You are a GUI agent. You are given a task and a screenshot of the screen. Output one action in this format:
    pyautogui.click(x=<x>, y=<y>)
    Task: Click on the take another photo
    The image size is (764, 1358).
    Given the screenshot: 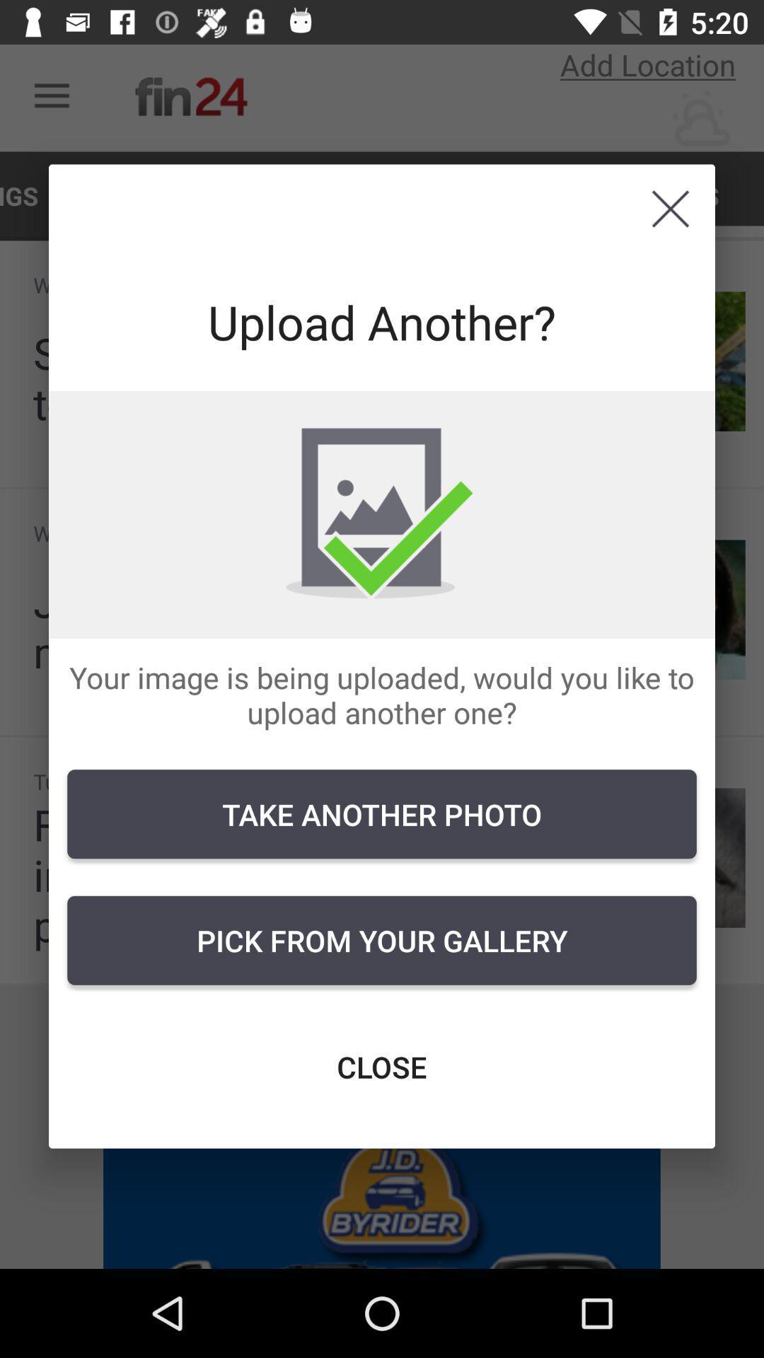 What is the action you would take?
    pyautogui.click(x=382, y=814)
    